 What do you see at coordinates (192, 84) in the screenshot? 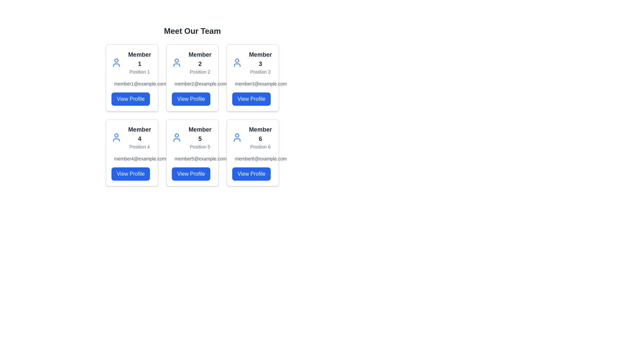
I see `the text display element showing the email address 'member2@example.com', which is styled in gray and positioned alongside a mail icon, located in the second box from the left in the second row of the grid` at bounding box center [192, 84].